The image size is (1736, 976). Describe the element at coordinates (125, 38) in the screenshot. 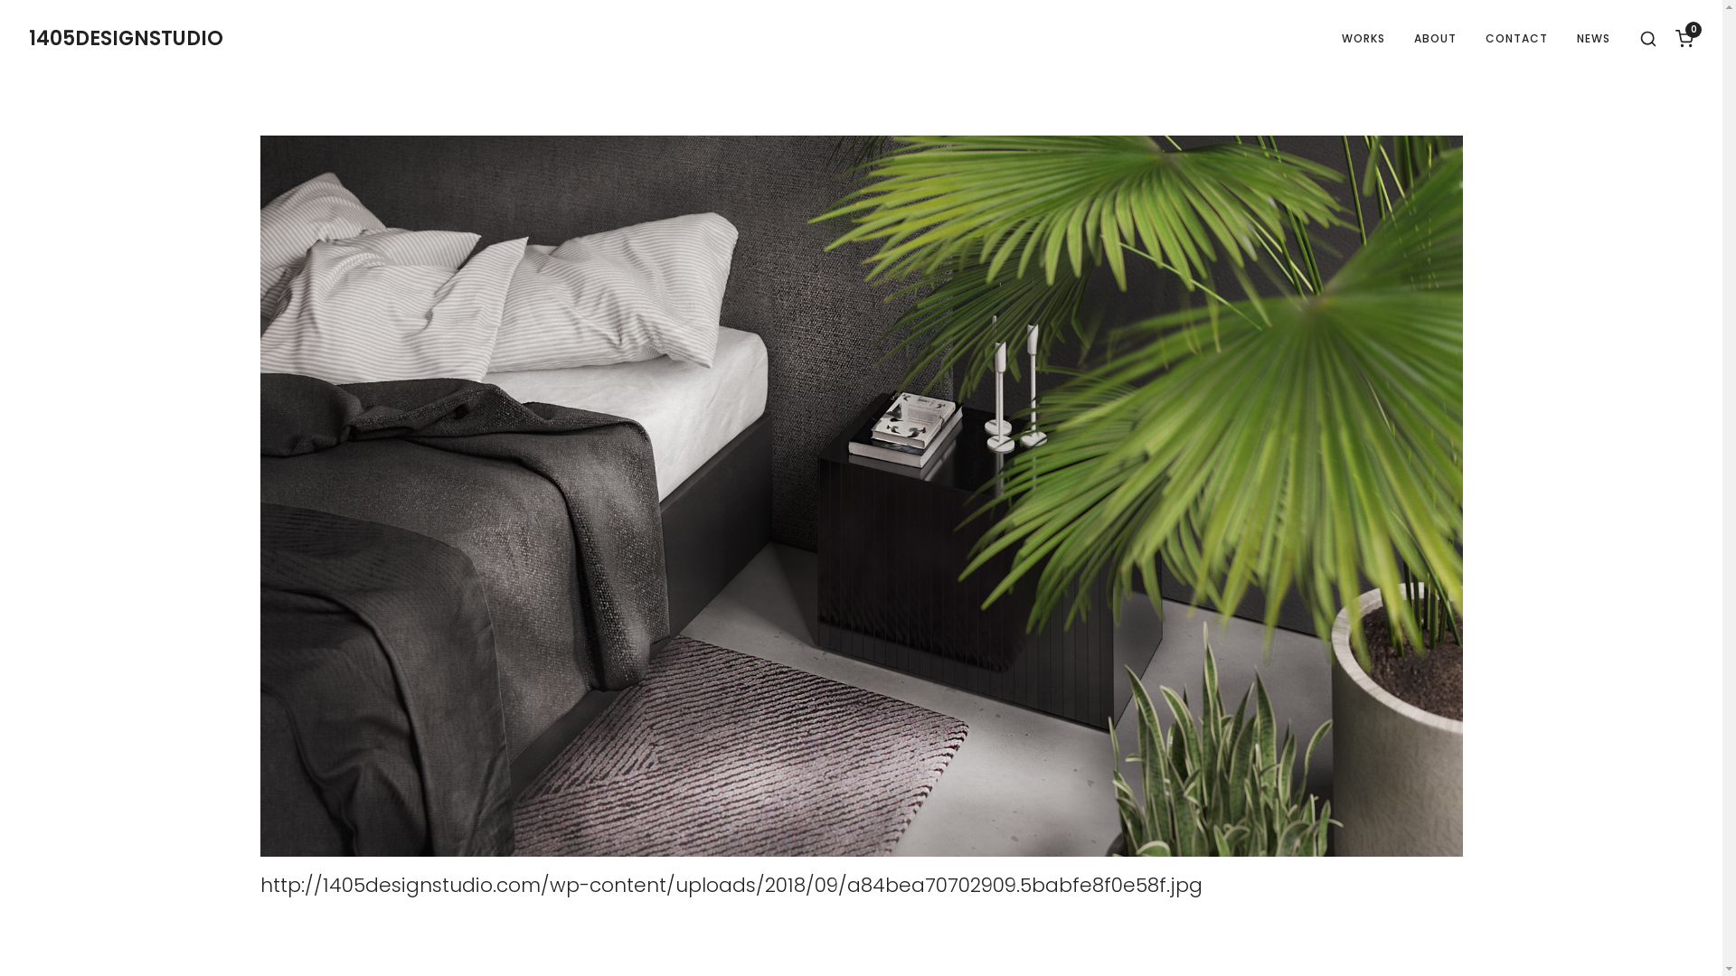

I see `'1405DESIGNSTUDIO'` at that location.